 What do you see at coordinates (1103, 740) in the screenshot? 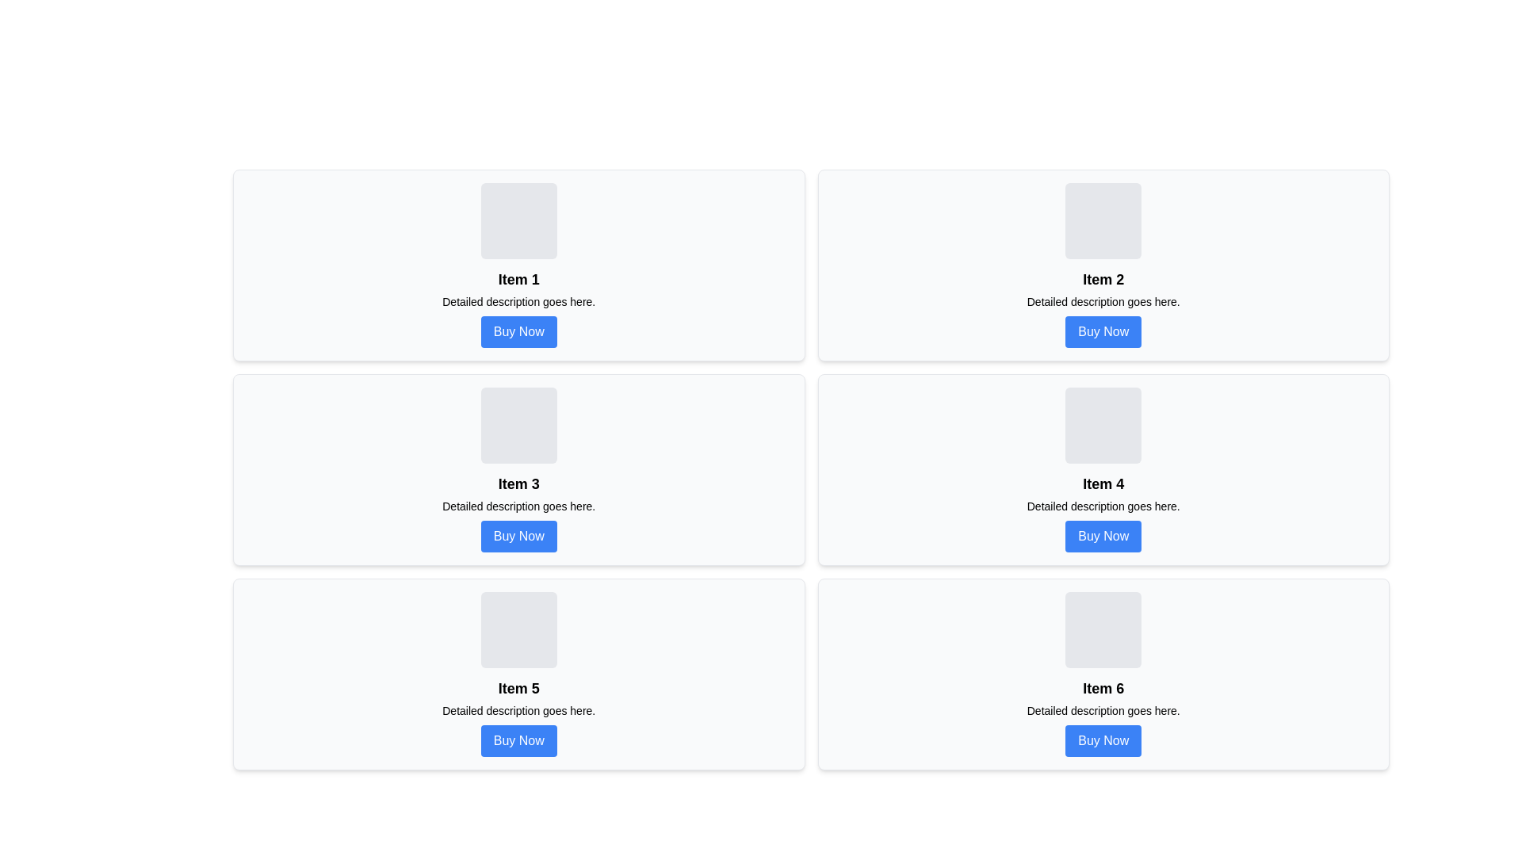
I see `the fourth button in the grid layout for 'Item 6' to initiate a purchase action` at bounding box center [1103, 740].